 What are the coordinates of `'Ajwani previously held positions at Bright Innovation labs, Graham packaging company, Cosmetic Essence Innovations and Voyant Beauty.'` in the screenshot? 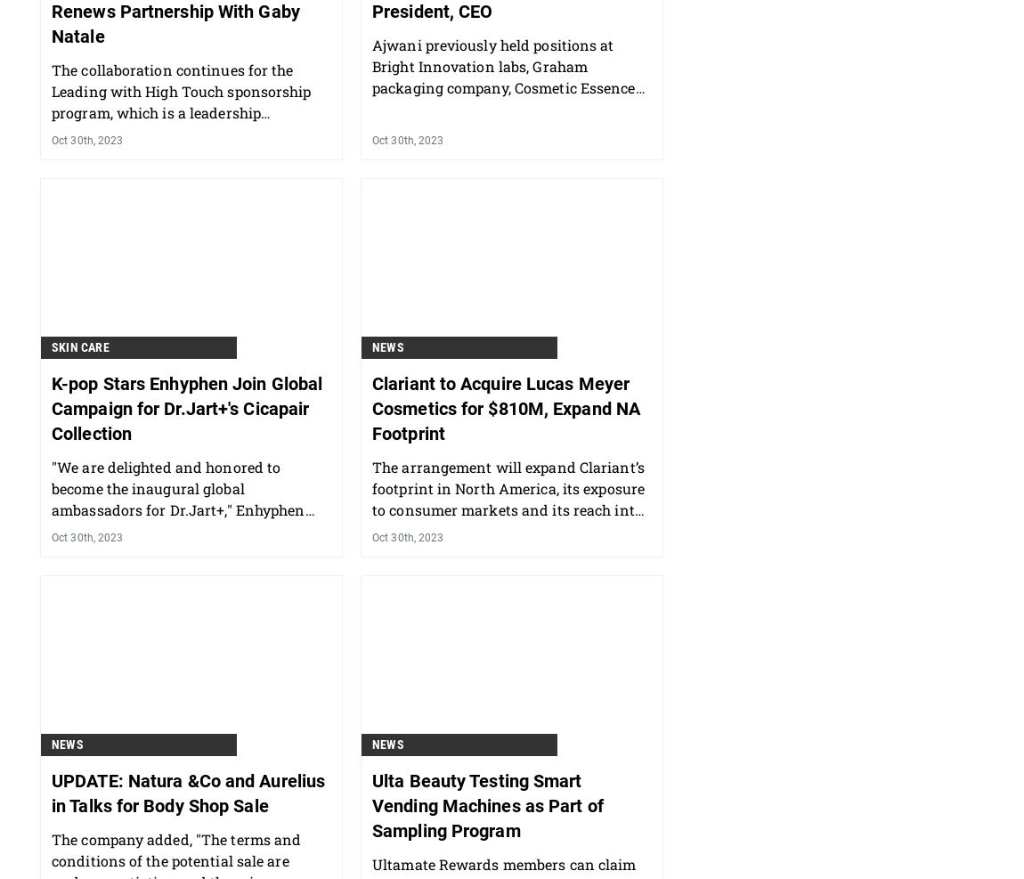 It's located at (503, 168).